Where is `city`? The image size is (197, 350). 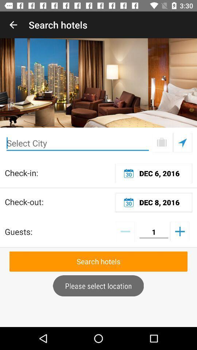 city is located at coordinates (77, 143).